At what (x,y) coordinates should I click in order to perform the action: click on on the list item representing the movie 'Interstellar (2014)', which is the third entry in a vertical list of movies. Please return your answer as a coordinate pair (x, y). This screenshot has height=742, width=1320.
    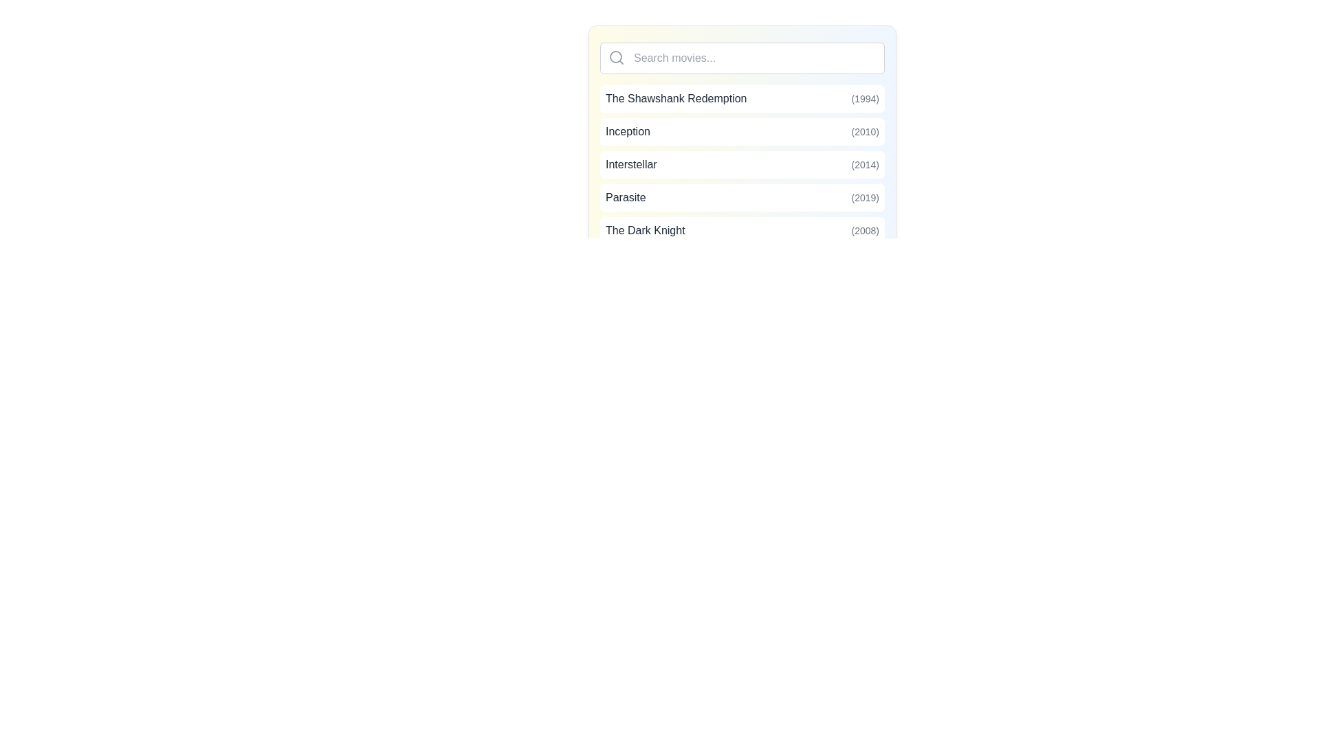
    Looking at the image, I should click on (742, 164).